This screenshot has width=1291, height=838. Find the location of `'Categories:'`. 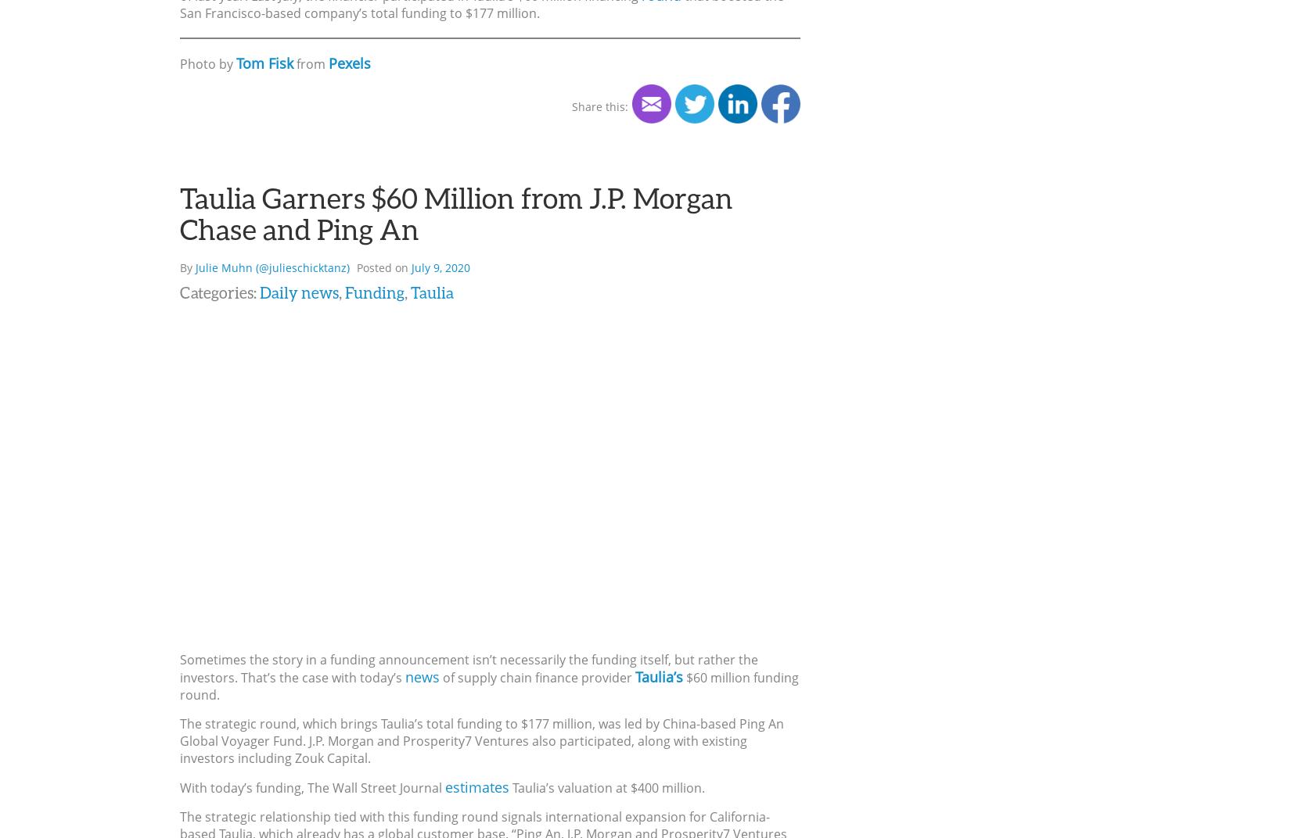

'Categories:' is located at coordinates (219, 291).